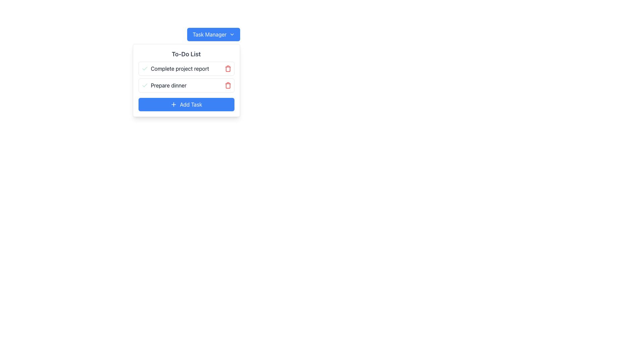  I want to click on the trash bin icon representing the delete action in the vertical task list, which is part of a vector graphics element, so click(228, 85).